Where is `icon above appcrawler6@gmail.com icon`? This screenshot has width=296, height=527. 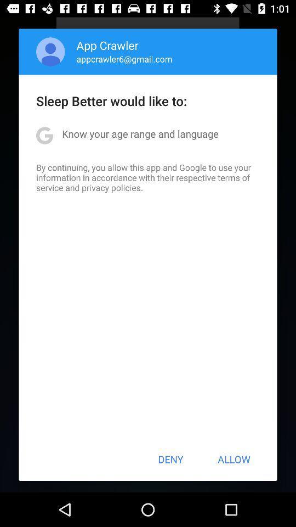 icon above appcrawler6@gmail.com icon is located at coordinates (107, 45).